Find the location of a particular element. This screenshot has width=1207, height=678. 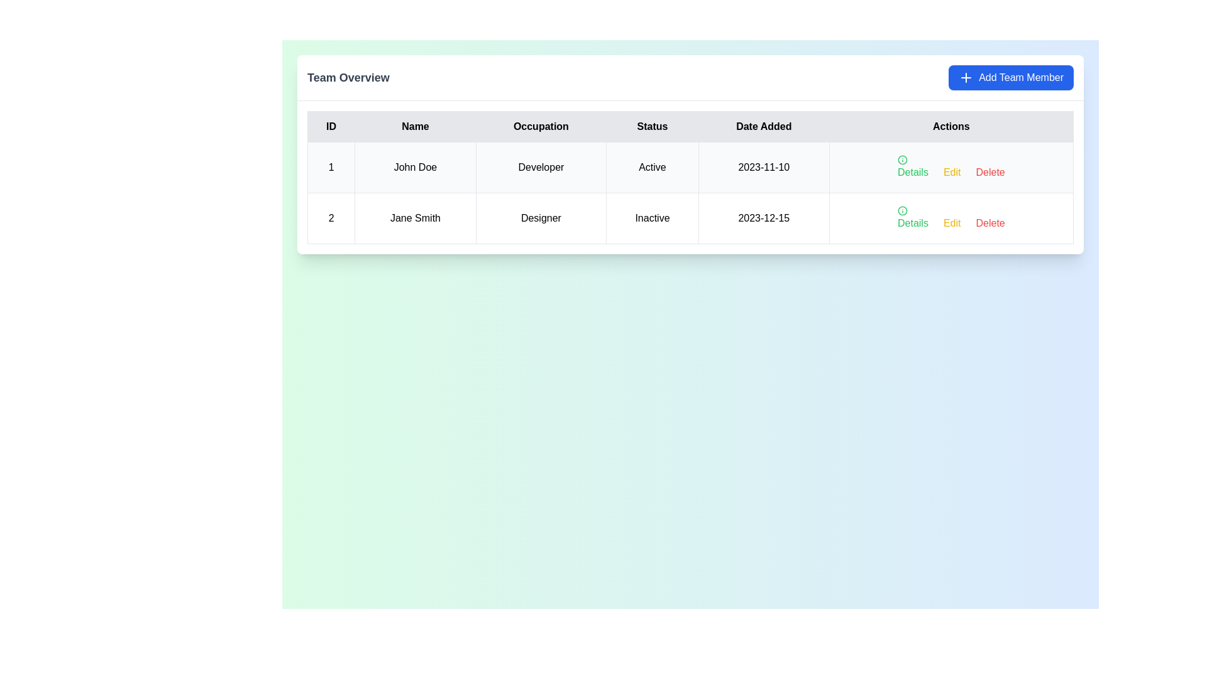

the third column header cell in the table, which labels the occupation of listed individuals, positioned between the 'Name' and 'Status' headers under the 'Team Overview' title is located at coordinates (541, 126).